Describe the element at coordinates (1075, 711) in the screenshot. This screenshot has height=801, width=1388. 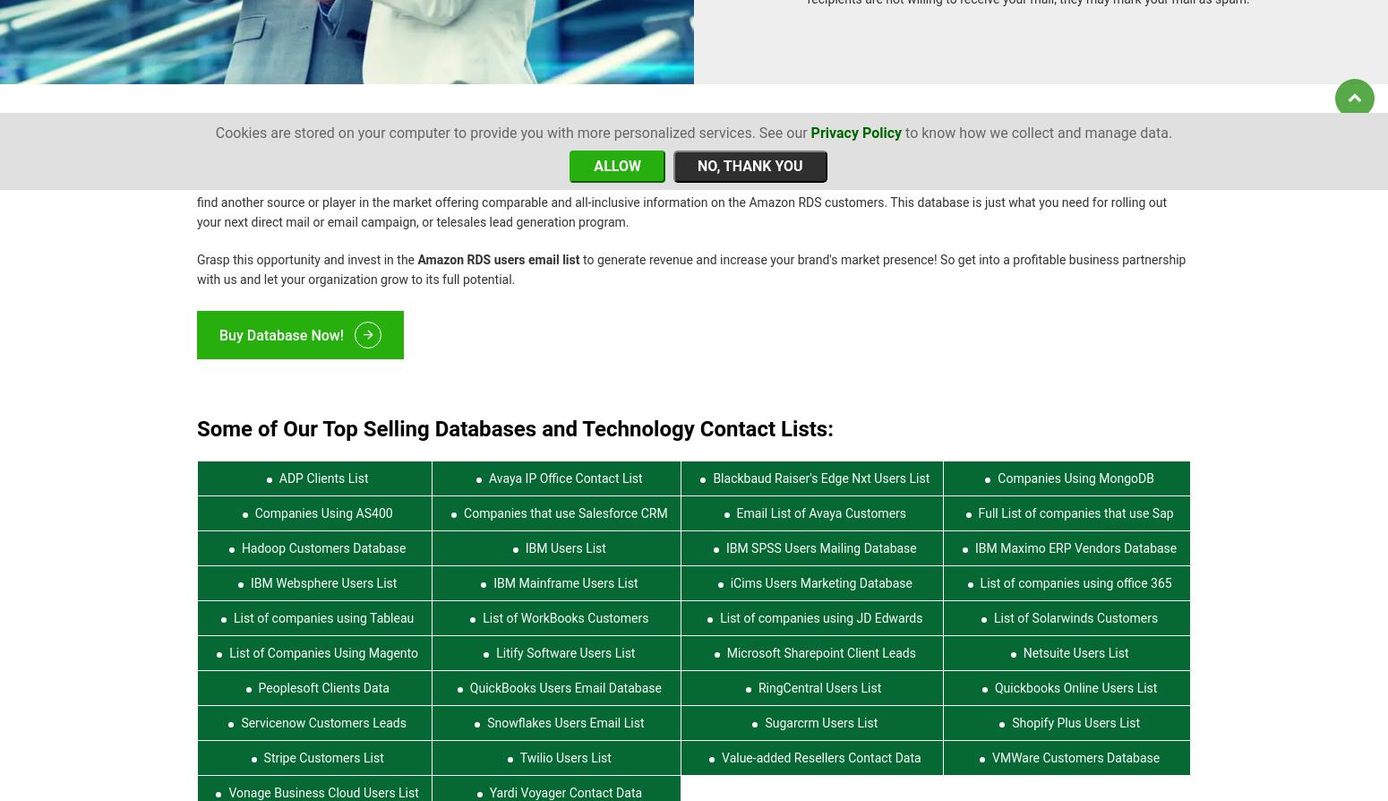
I see `'Shopify Plus Users List'` at that location.